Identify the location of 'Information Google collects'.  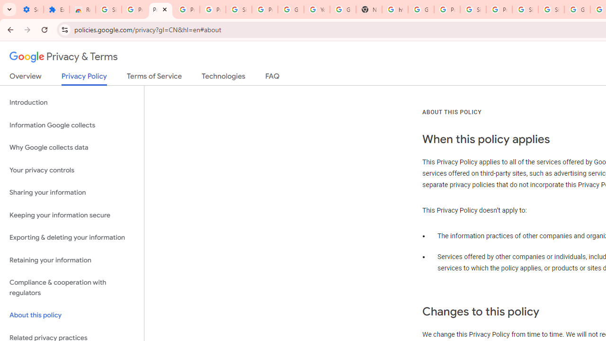
(71, 125).